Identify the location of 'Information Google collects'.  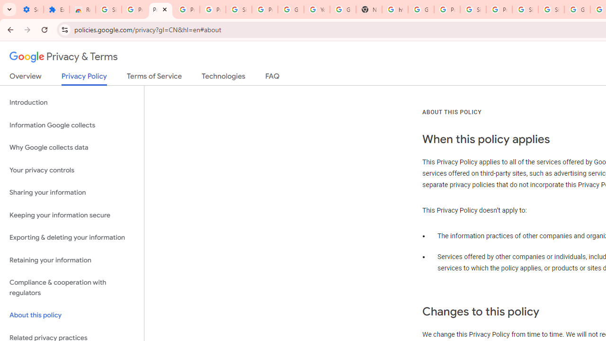
(71, 125).